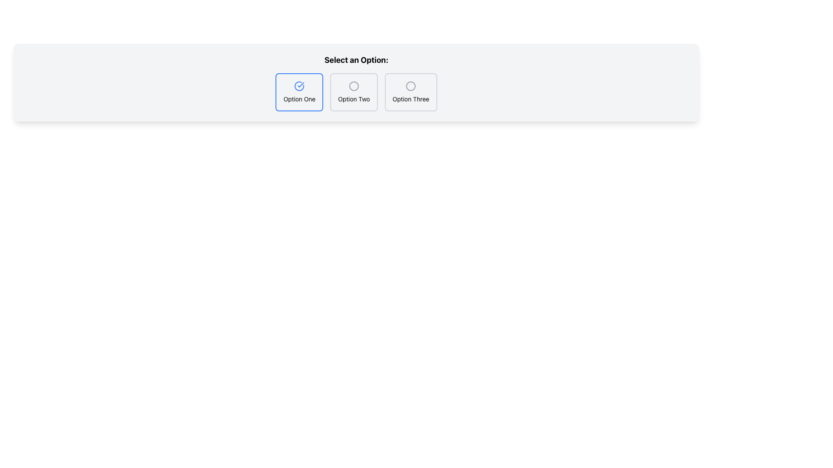  I want to click on the state of the circular outline icon indicating the selection option within the 'Option Three' button, located on the right side of the horizontal selection group, so click(410, 86).